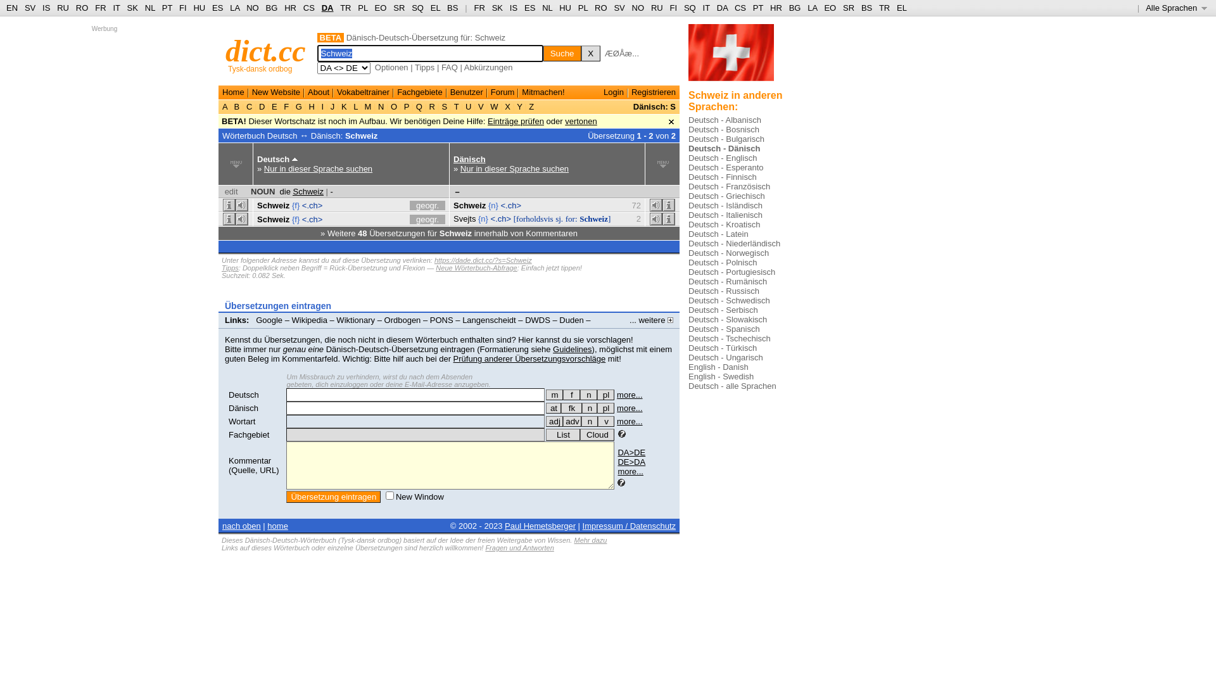 Image resolution: width=1216 pixels, height=684 pixels. What do you see at coordinates (407, 106) in the screenshot?
I see `'P'` at bounding box center [407, 106].